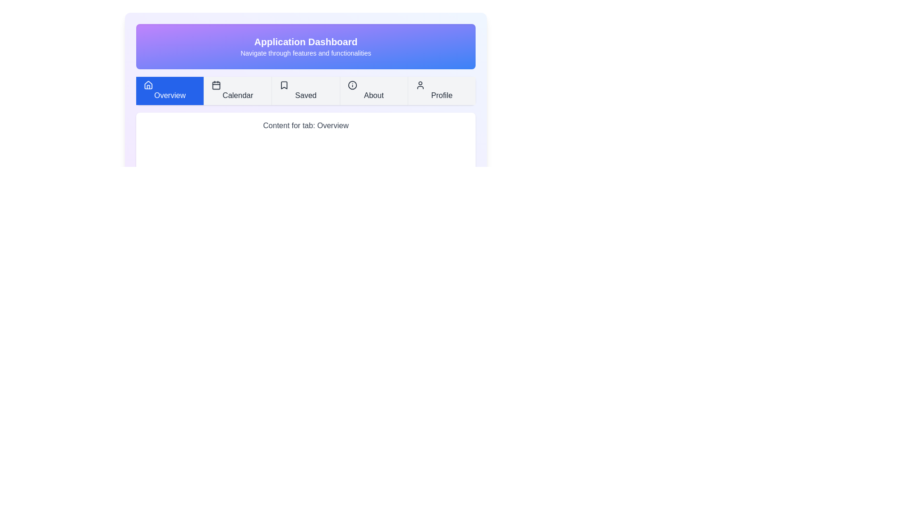 The width and height of the screenshot is (905, 509). Describe the element at coordinates (238, 90) in the screenshot. I see `the 'Calendar' button in the horizontal navigation menu` at that location.